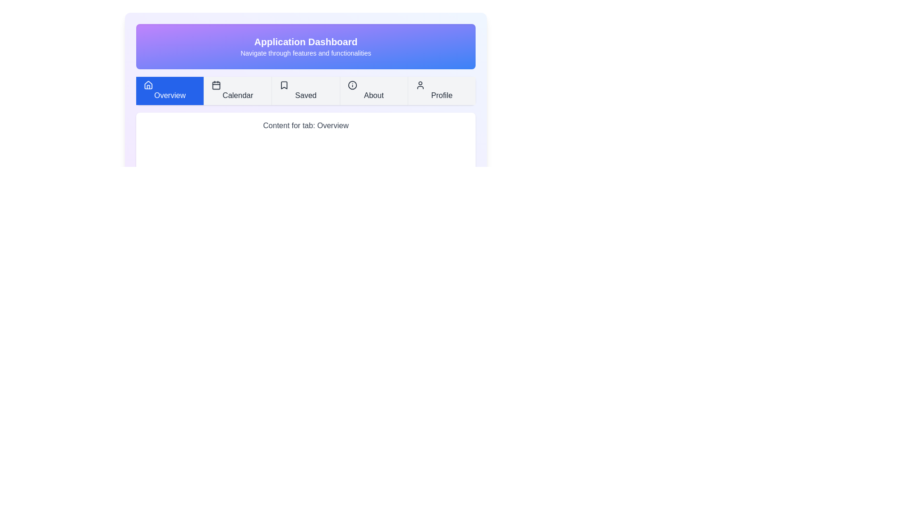 The width and height of the screenshot is (905, 509). Describe the element at coordinates (238, 90) in the screenshot. I see `the 'Calendar' button in the horizontal navigation menu` at that location.